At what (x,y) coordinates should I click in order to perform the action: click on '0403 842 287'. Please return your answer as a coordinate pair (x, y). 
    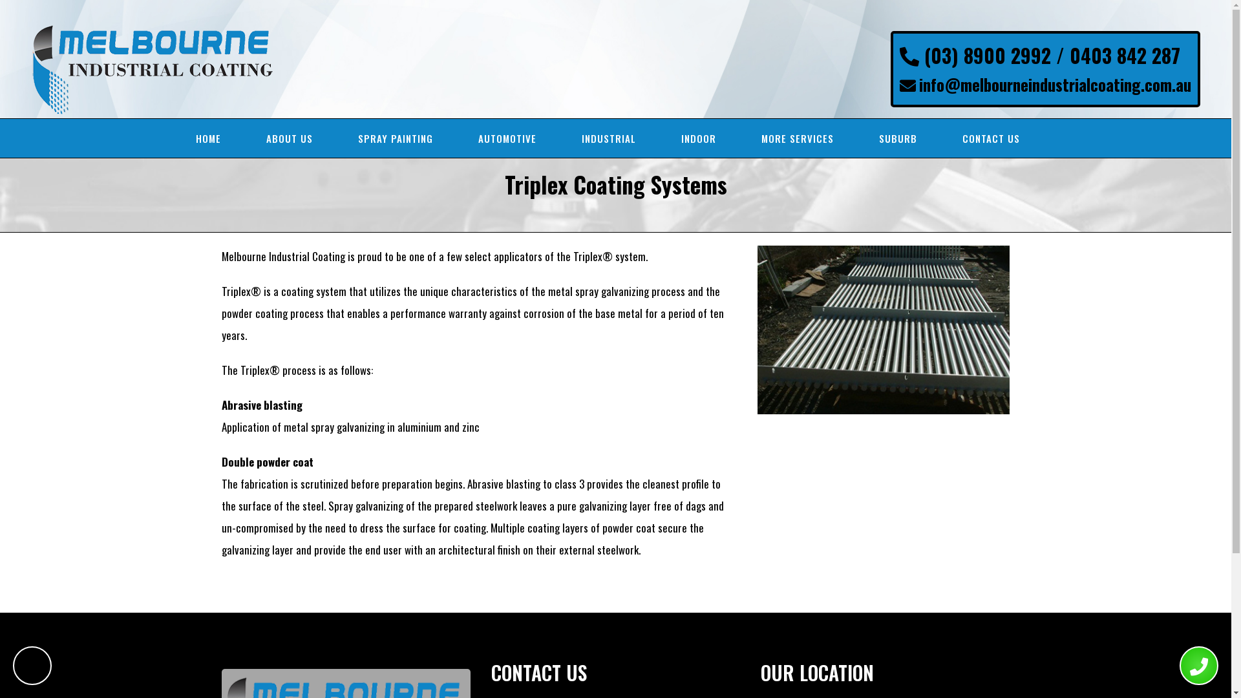
    Looking at the image, I should click on (1070, 54).